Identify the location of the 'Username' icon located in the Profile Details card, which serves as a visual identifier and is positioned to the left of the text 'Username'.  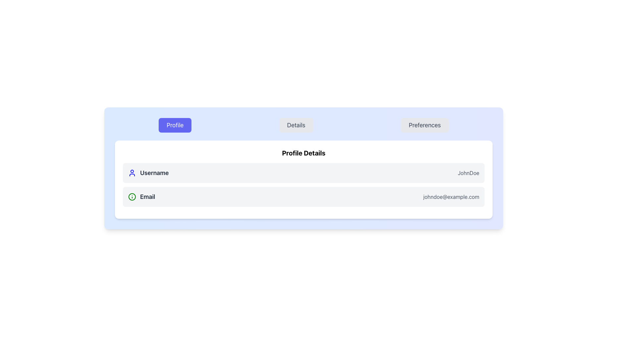
(132, 172).